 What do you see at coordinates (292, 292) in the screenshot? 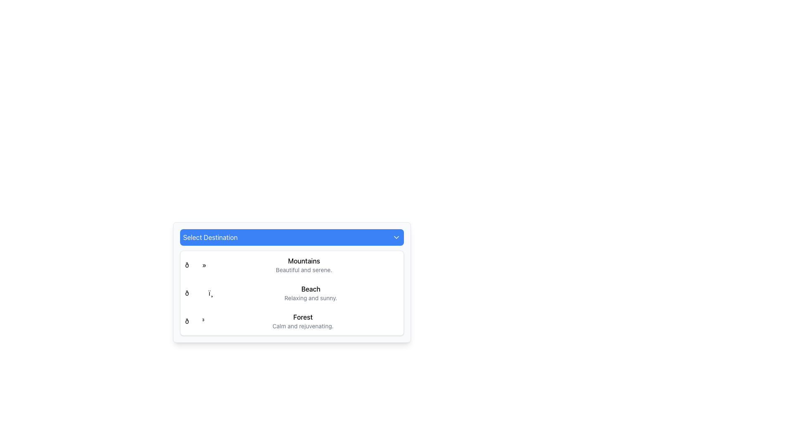
I see `to select the 'Beach' destination from the list item located under the blue header titled 'Select Destination'. This is the second item in the vertical list of destinations` at bounding box center [292, 292].